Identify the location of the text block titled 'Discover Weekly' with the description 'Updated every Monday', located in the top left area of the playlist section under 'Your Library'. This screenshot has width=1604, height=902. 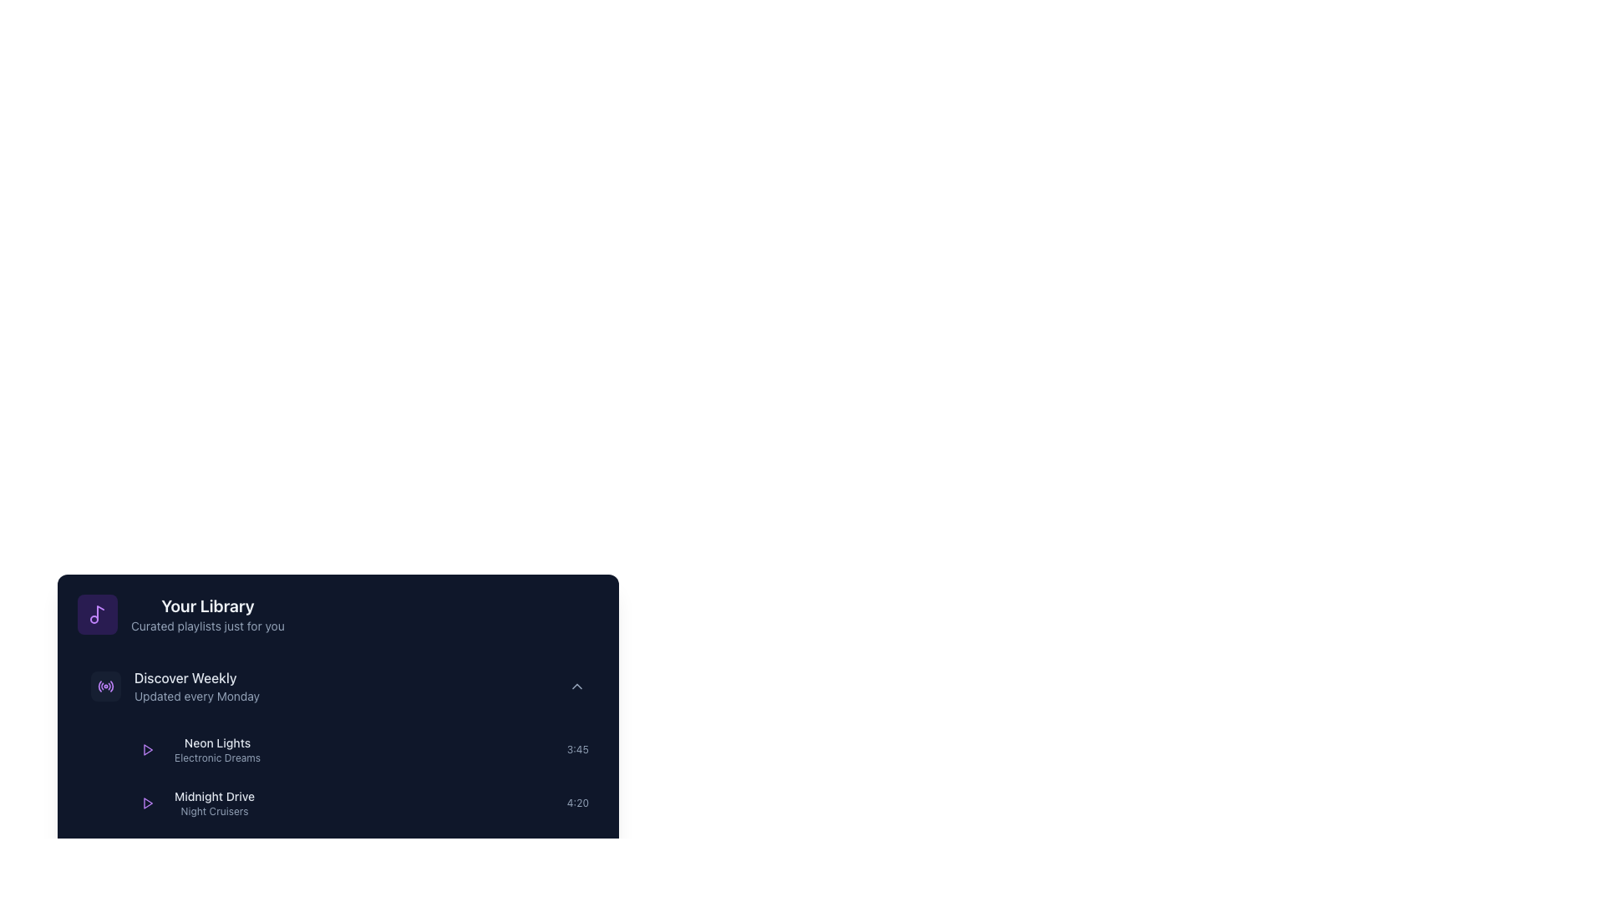
(197, 686).